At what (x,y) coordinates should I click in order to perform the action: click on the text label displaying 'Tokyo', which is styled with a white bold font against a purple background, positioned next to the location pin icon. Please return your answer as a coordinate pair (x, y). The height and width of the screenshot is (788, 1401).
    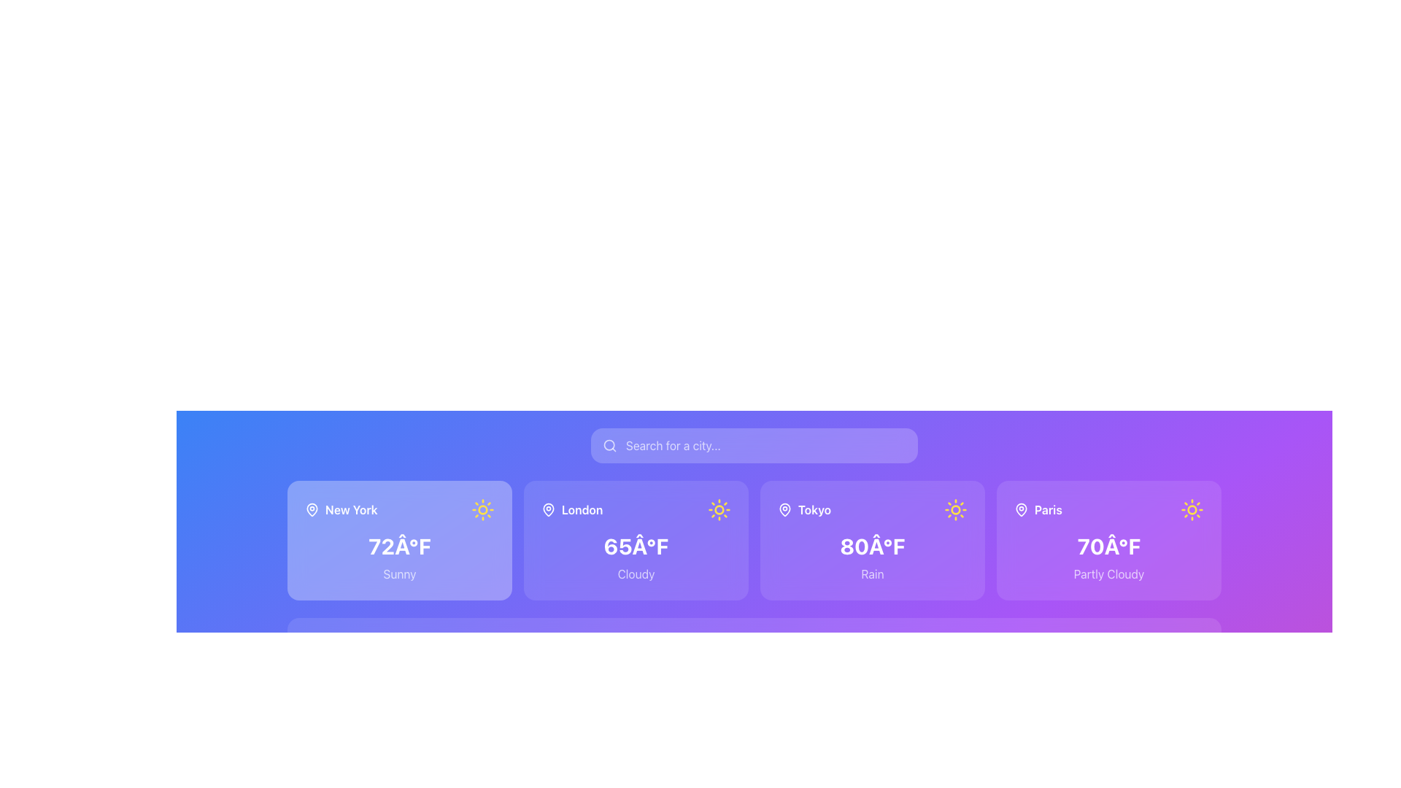
    Looking at the image, I should click on (814, 509).